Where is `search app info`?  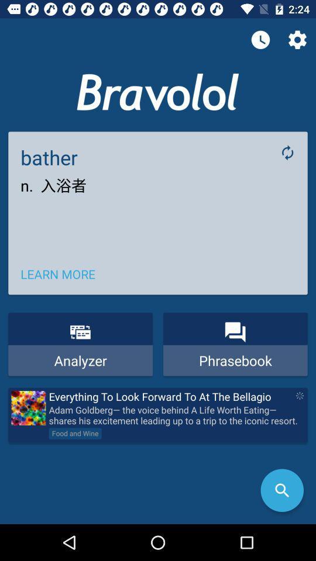 search app info is located at coordinates (281, 490).